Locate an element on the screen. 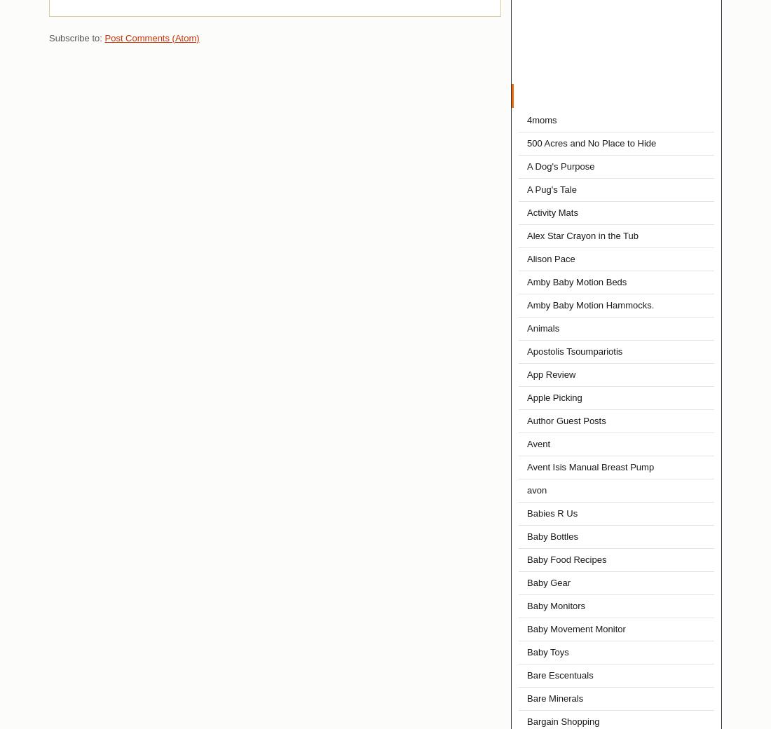  'Apostolis Tsoumpariotis' is located at coordinates (526, 351).